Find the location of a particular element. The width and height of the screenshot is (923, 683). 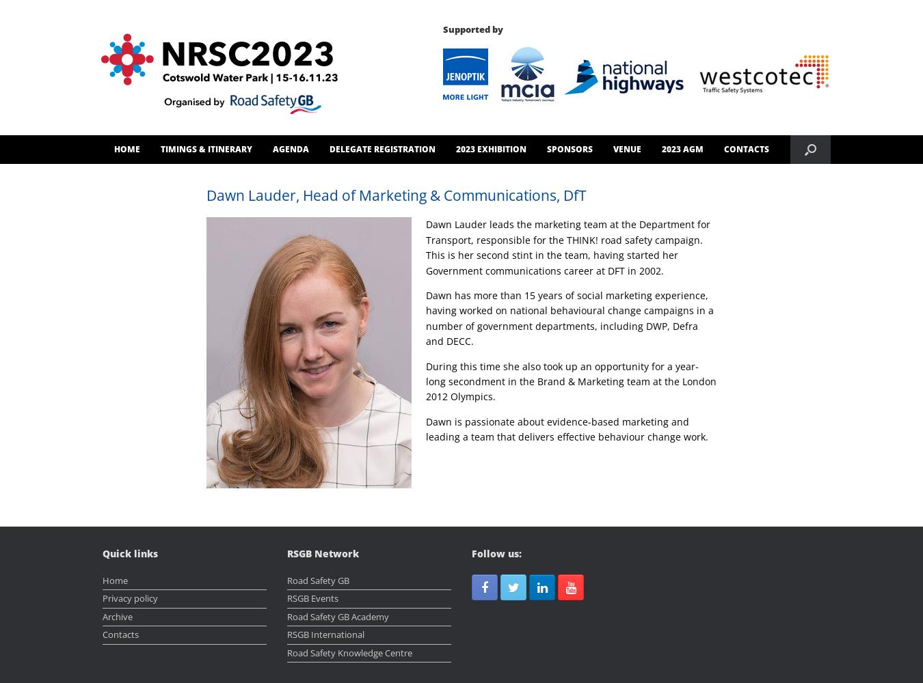

'Contacts' is located at coordinates (102, 635).